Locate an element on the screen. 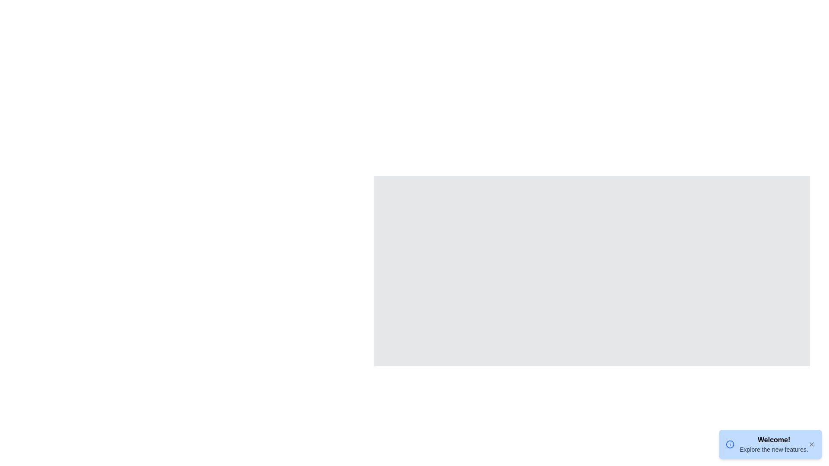 The image size is (829, 466). text label that says 'Explore the new features.' located in the lower-right corner of the interface, below the 'Welcome!' text is located at coordinates (774, 449).